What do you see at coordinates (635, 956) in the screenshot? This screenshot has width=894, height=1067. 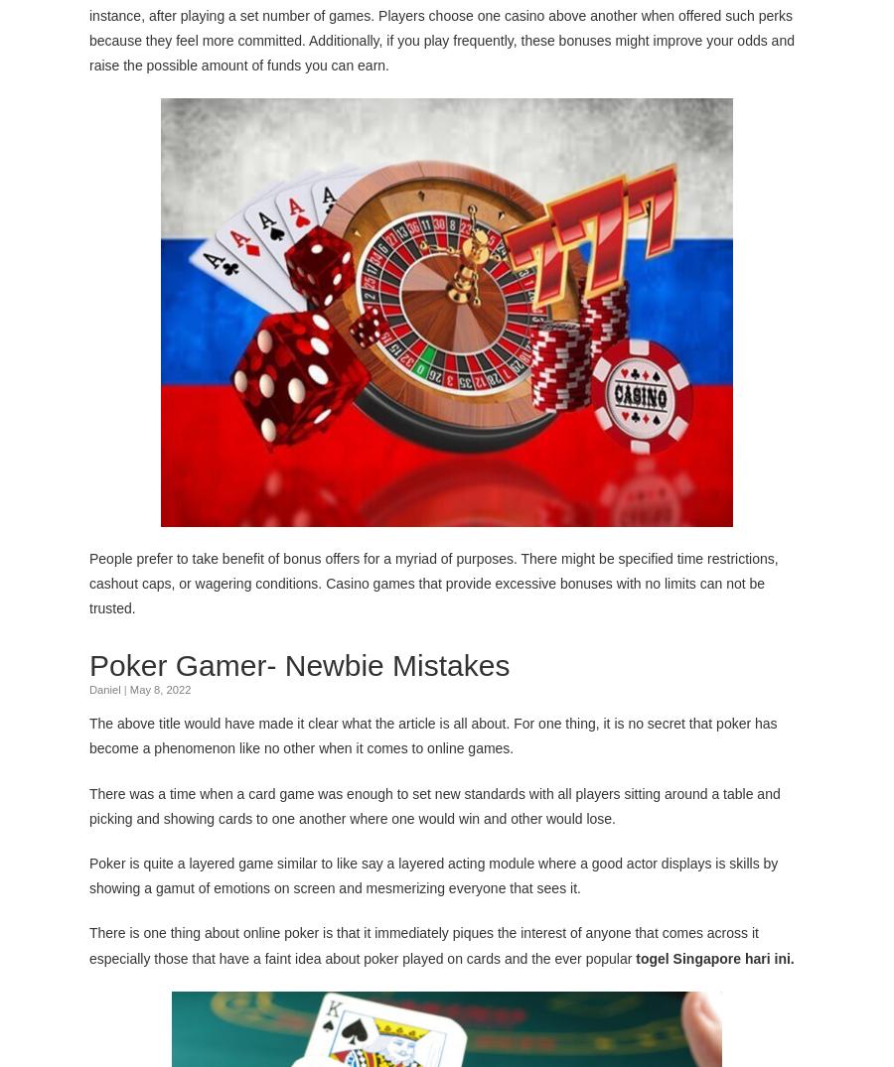 I see `'togel Singapore hari ini'` at bounding box center [635, 956].